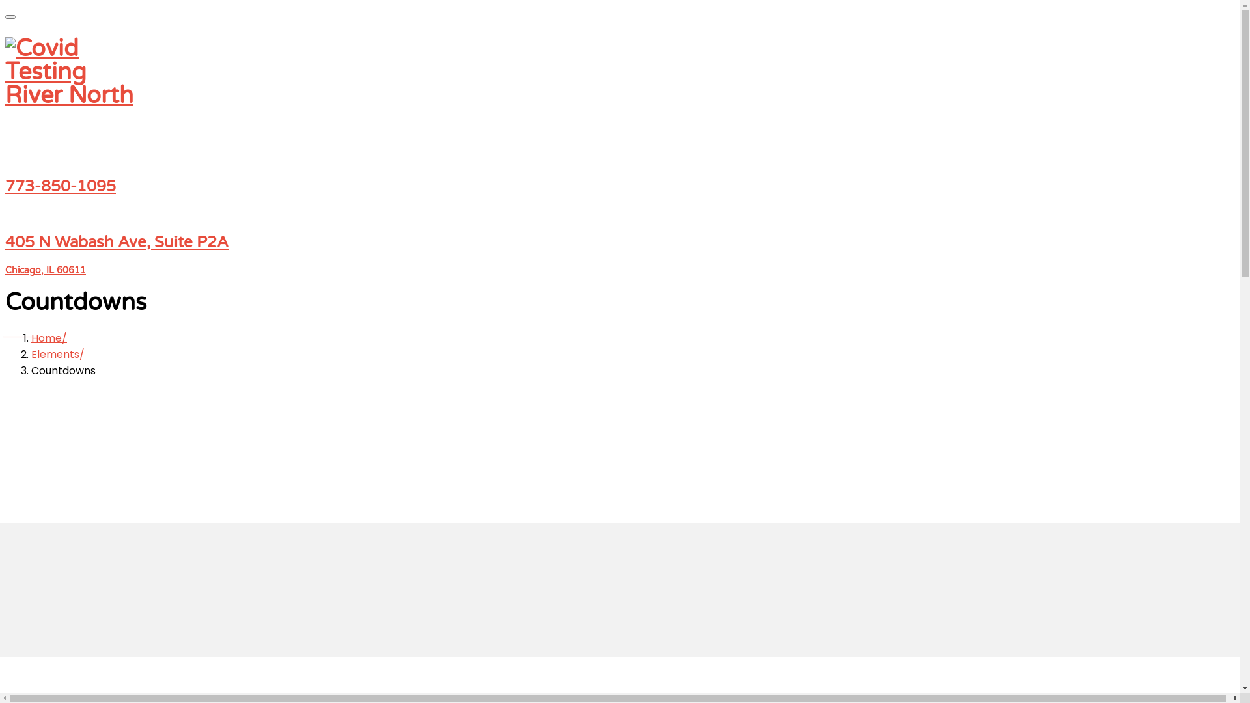 This screenshot has width=1250, height=703. Describe the element at coordinates (49, 337) in the screenshot. I see `'Home'` at that location.